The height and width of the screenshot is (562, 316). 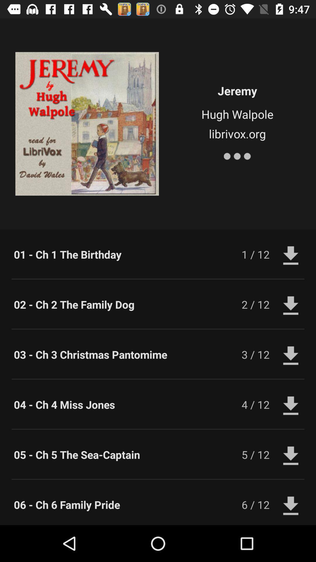 I want to click on download button next to 4  12, so click(x=291, y=404).